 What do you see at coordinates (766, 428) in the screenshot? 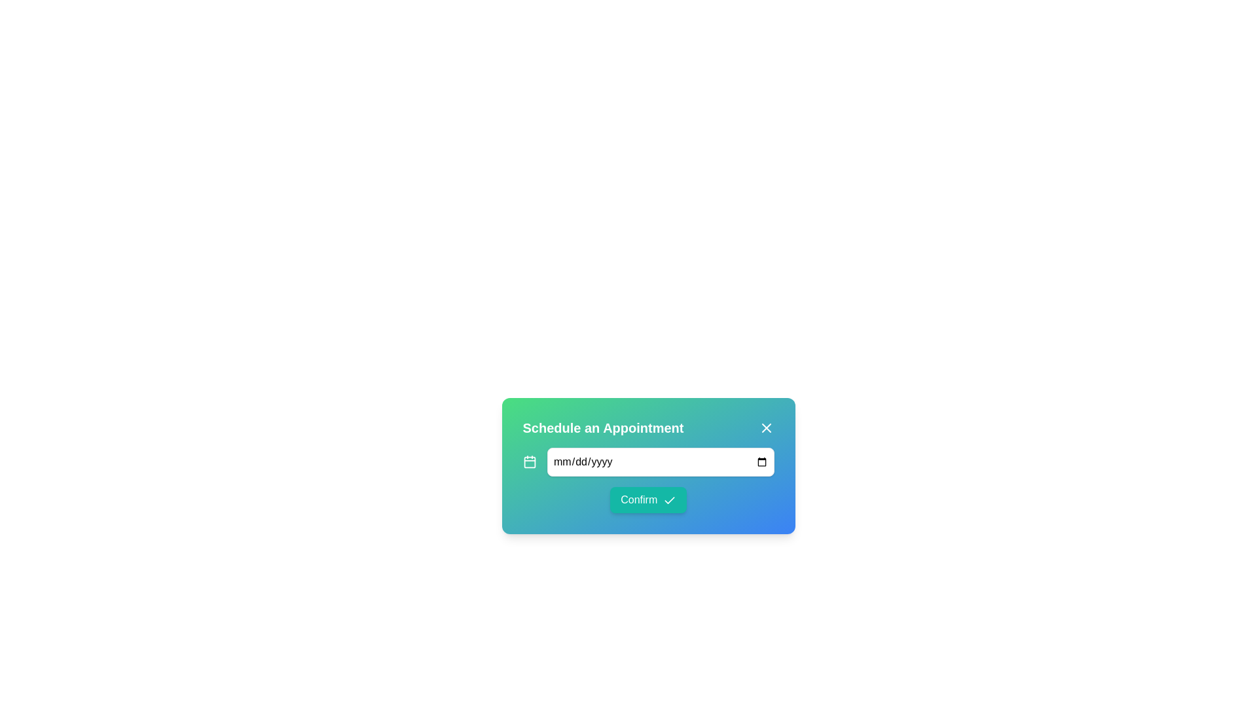
I see `the close icon button, which is a bold white 'X' on a light blue square, located at the top-right corner of the modal window under the heading 'Schedule an Appointment'` at bounding box center [766, 428].